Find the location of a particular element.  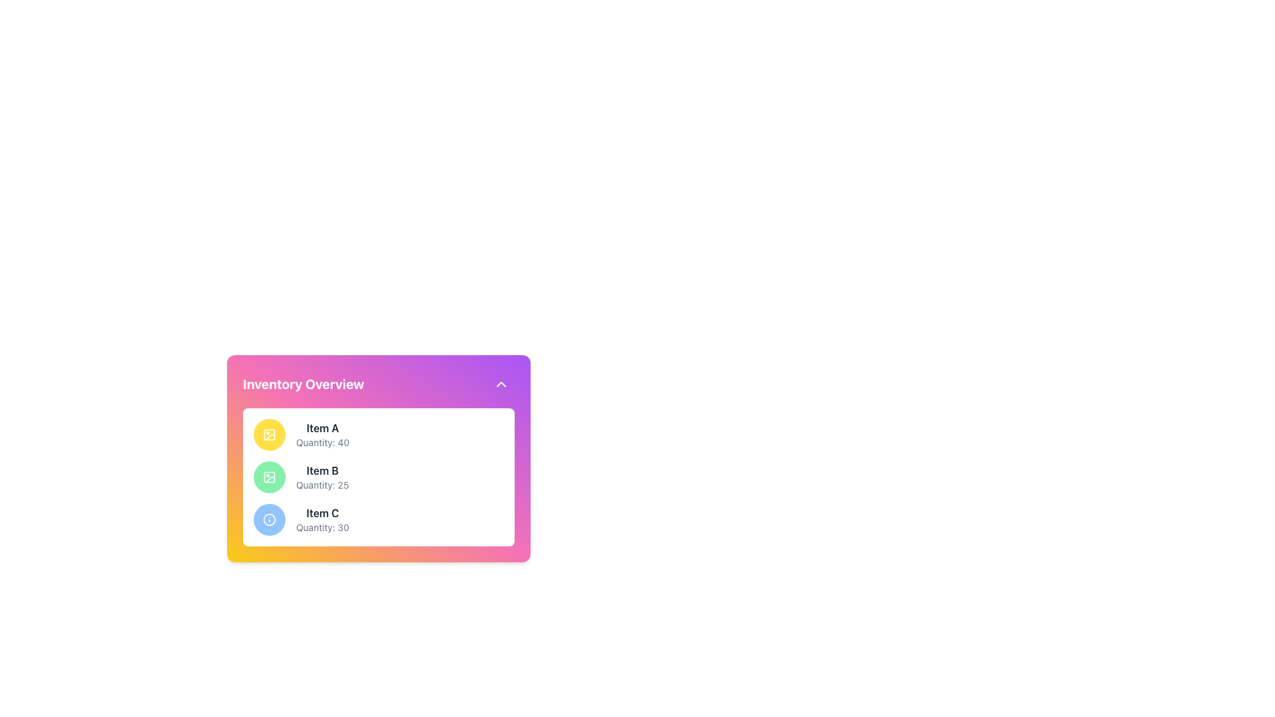

the Text Display that shows the inventory item 'Item C' which is the third item in a vertical list, located in the bottom half of the card module is located at coordinates (322, 519).